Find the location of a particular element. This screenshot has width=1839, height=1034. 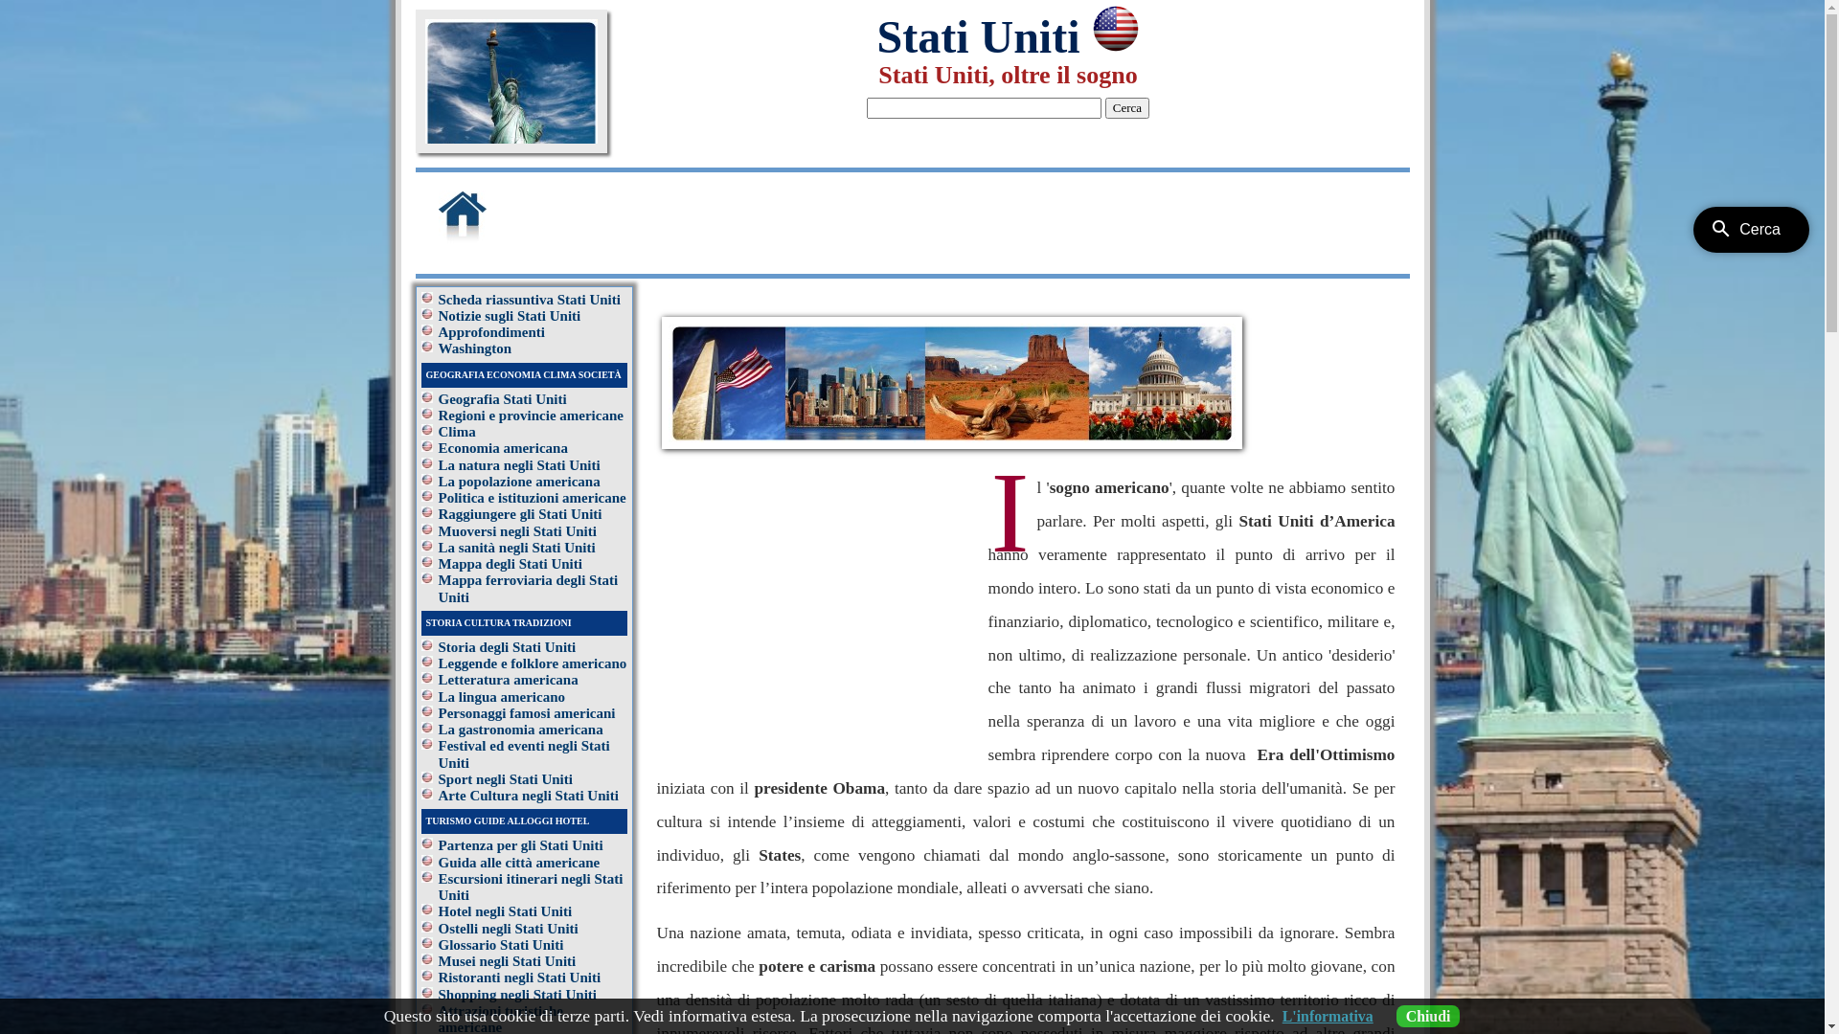

'  ' is located at coordinates (487, 238).